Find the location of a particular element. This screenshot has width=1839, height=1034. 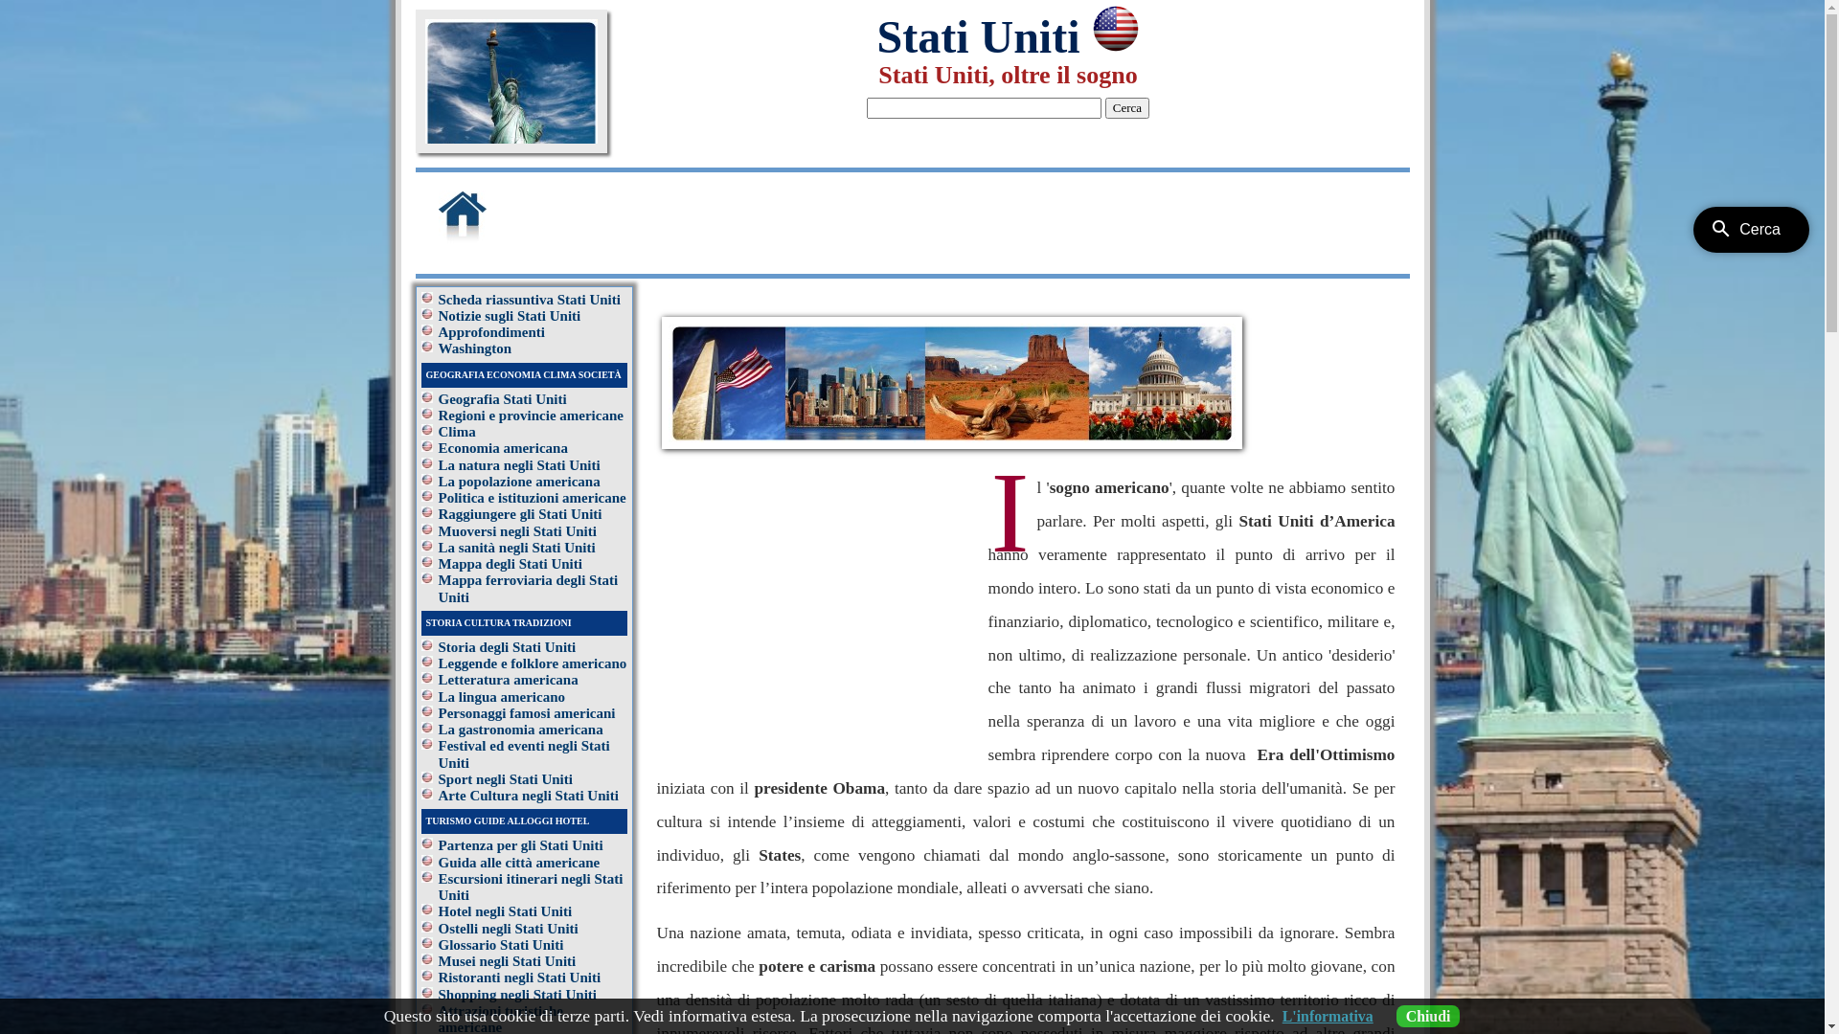

'  ' is located at coordinates (487, 238).